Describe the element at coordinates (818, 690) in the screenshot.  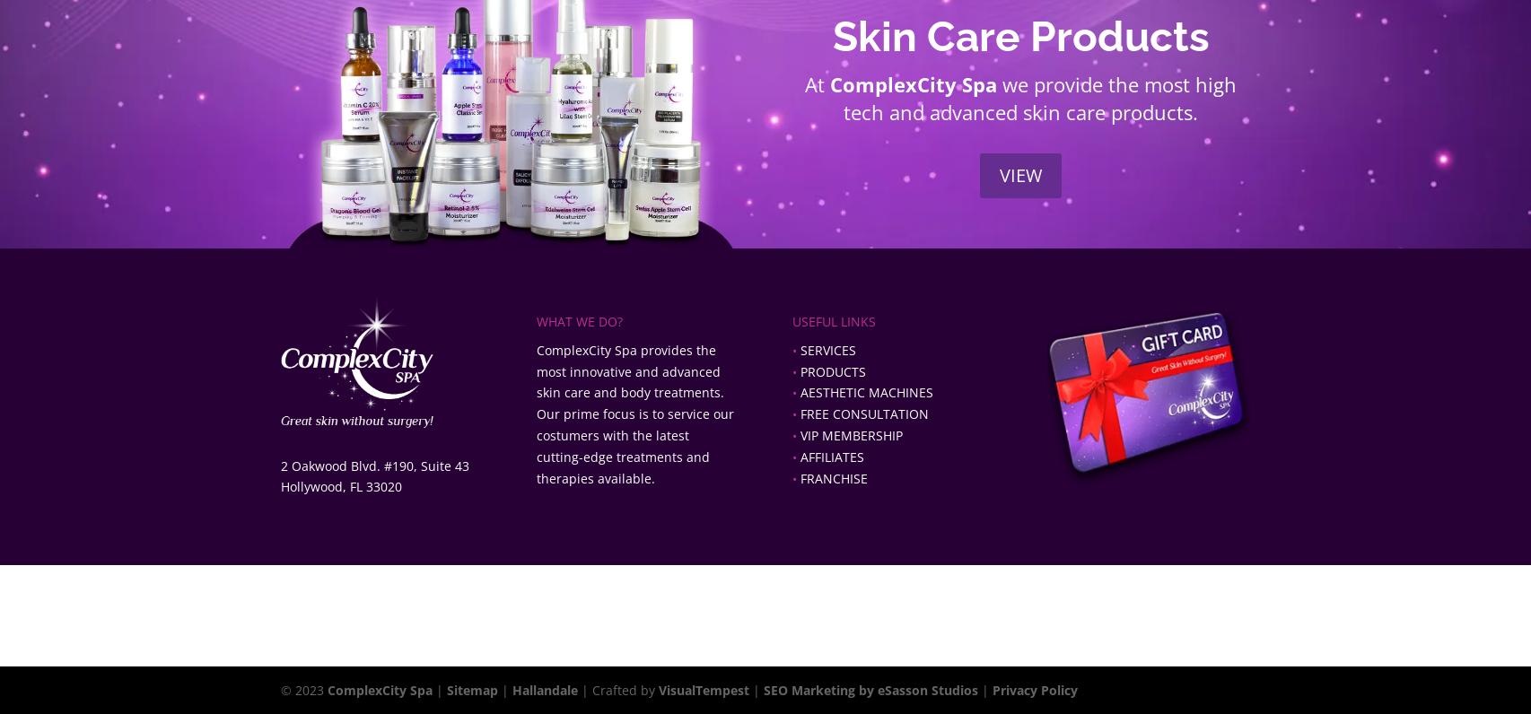
I see `'SEO Marketing by'` at that location.